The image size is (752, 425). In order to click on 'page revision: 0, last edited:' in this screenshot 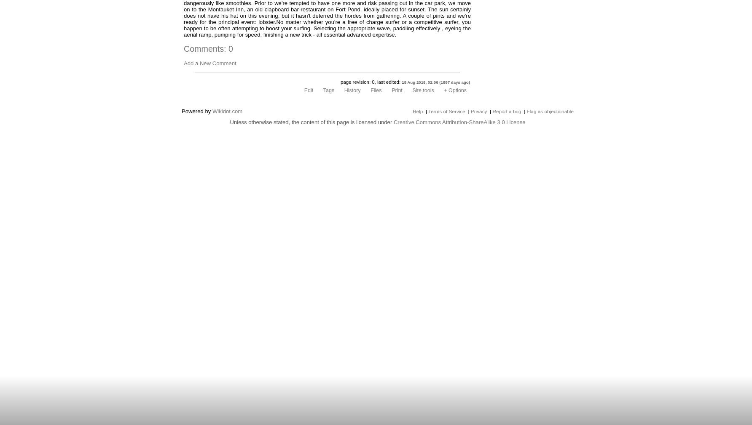, I will do `click(371, 81)`.